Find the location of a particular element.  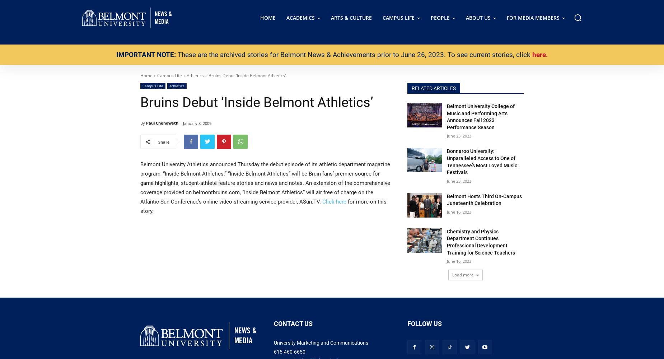

'People' is located at coordinates (430, 18).